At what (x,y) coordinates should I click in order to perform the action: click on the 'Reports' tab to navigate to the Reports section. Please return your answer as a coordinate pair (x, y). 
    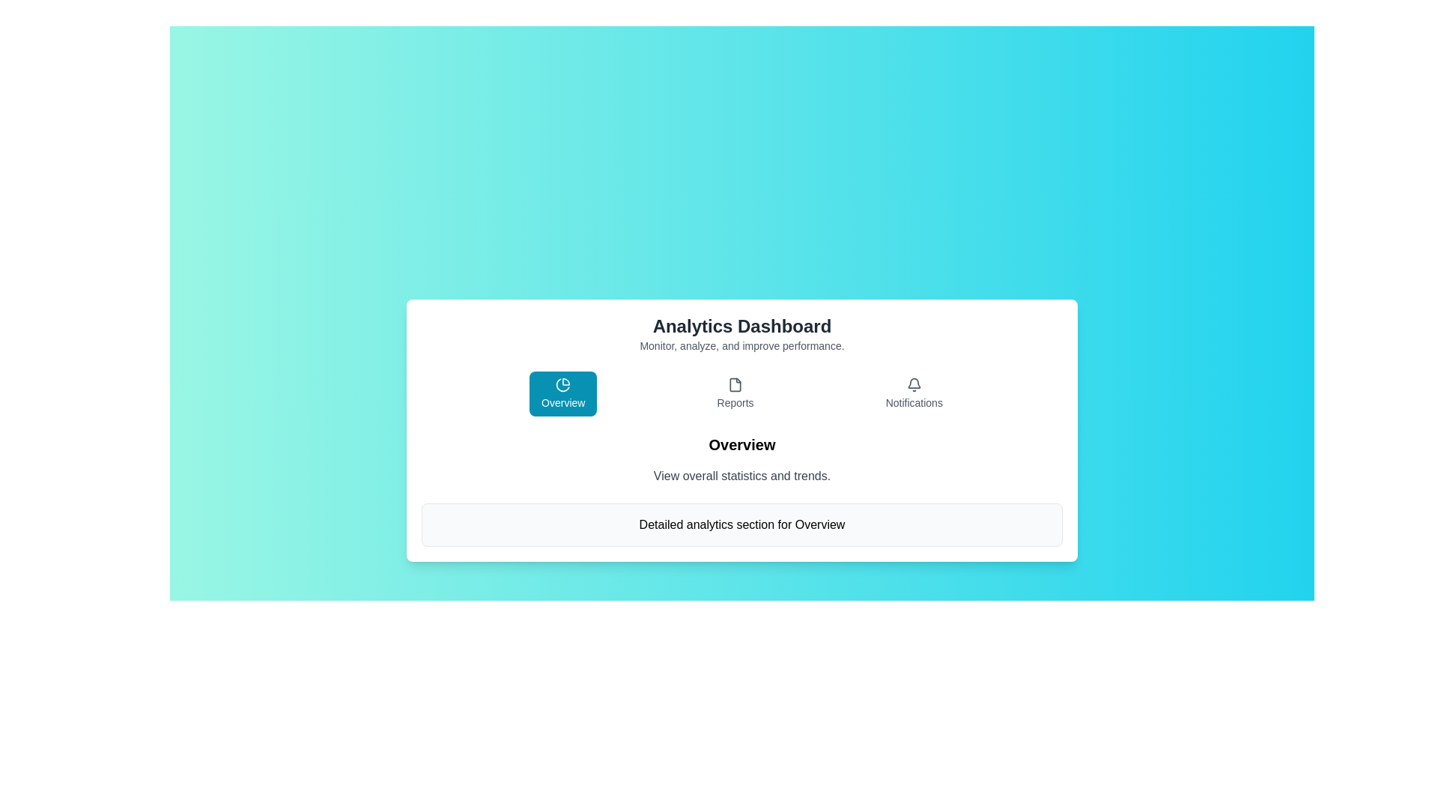
    Looking at the image, I should click on (735, 393).